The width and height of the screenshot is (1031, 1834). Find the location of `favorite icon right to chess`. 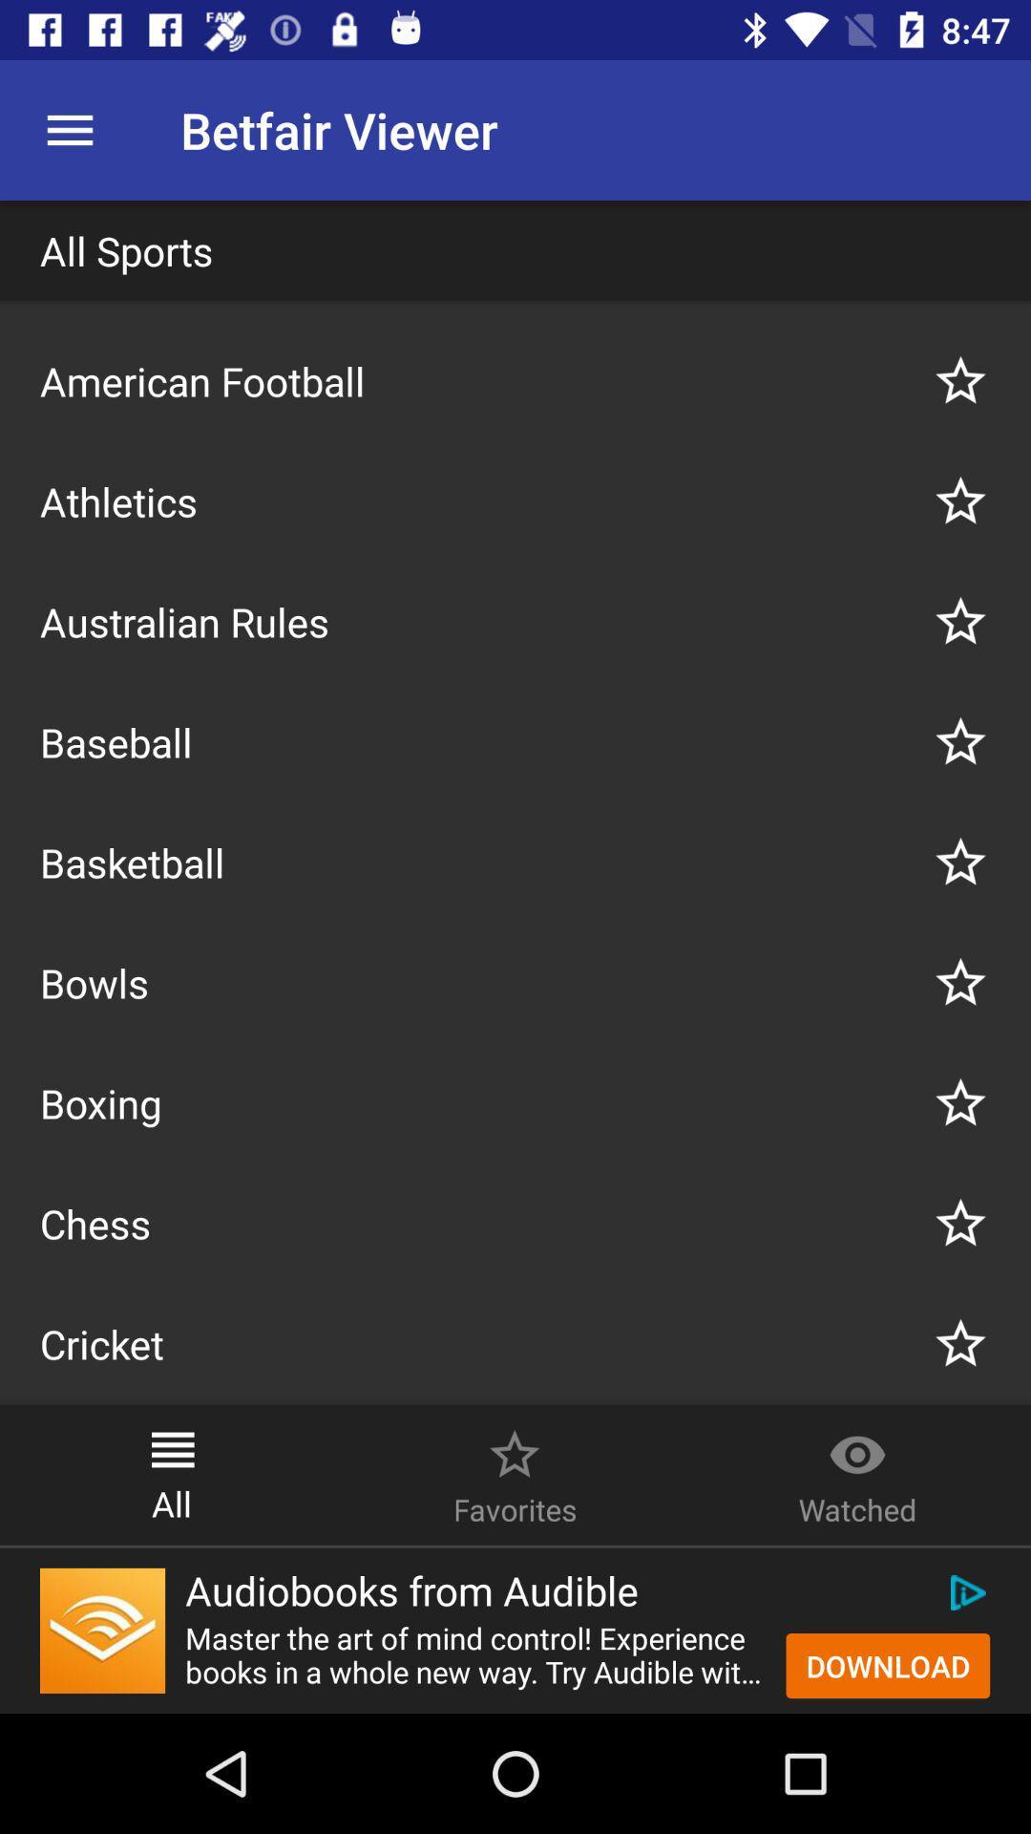

favorite icon right to chess is located at coordinates (960, 1224).